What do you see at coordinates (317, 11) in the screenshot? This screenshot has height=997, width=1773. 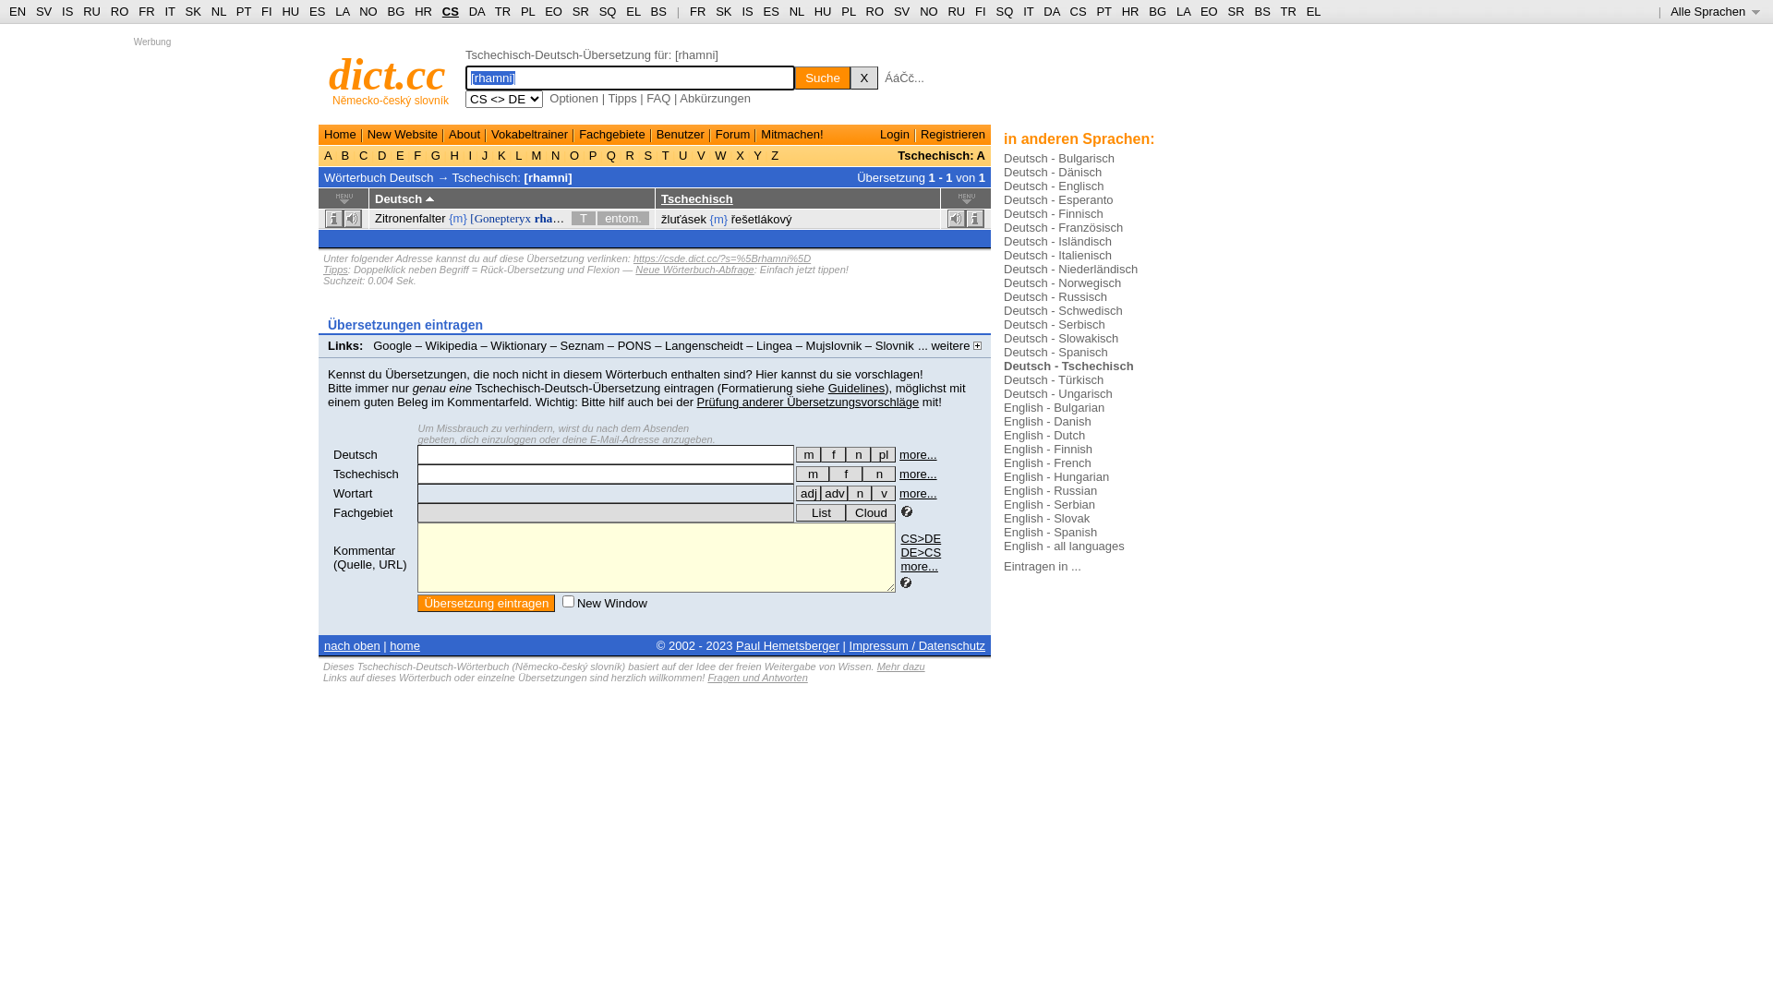 I see `'ES'` at bounding box center [317, 11].